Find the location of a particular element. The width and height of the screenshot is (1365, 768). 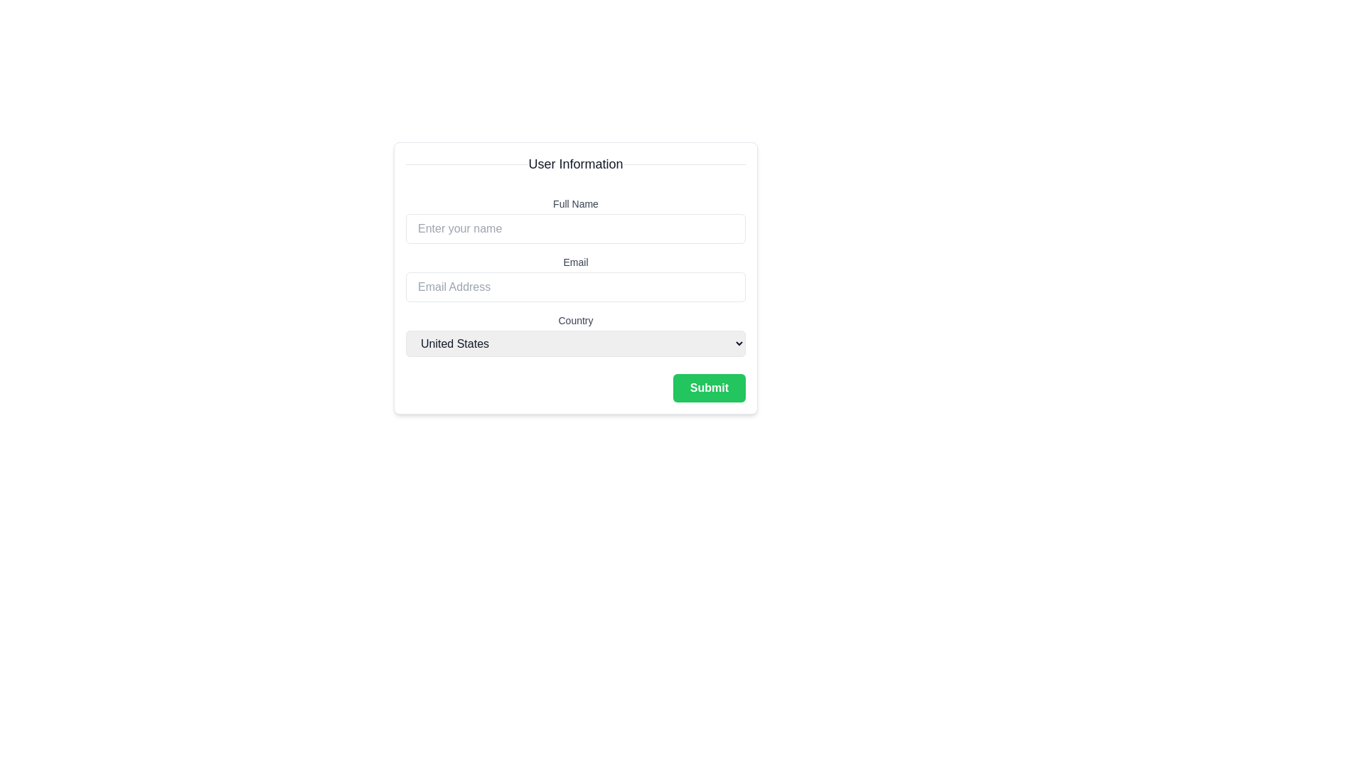

the downward-facing arrow of the 'Country' dropdown menu is located at coordinates (576, 335).